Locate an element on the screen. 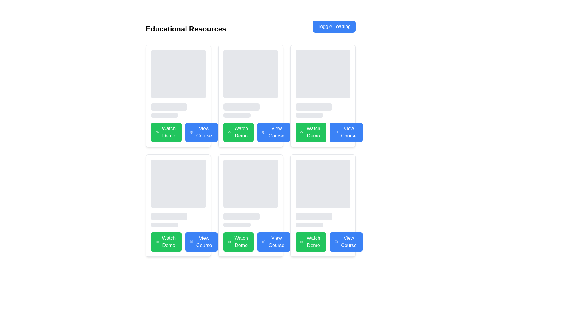 The width and height of the screenshot is (582, 327). the Placeholder element located at the bottom of the lower-left card in the grid, which serves as a loading or content space indicator is located at coordinates (165, 225).